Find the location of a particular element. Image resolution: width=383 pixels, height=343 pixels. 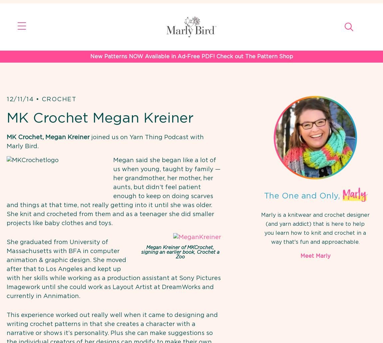

'Megan Kreiner of MKCrochet, signing an earlier book, Crochet a Zoo' is located at coordinates (141, 252).